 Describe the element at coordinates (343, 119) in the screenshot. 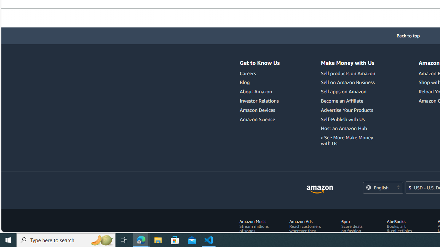

I see `'Self-Publish with Us'` at that location.